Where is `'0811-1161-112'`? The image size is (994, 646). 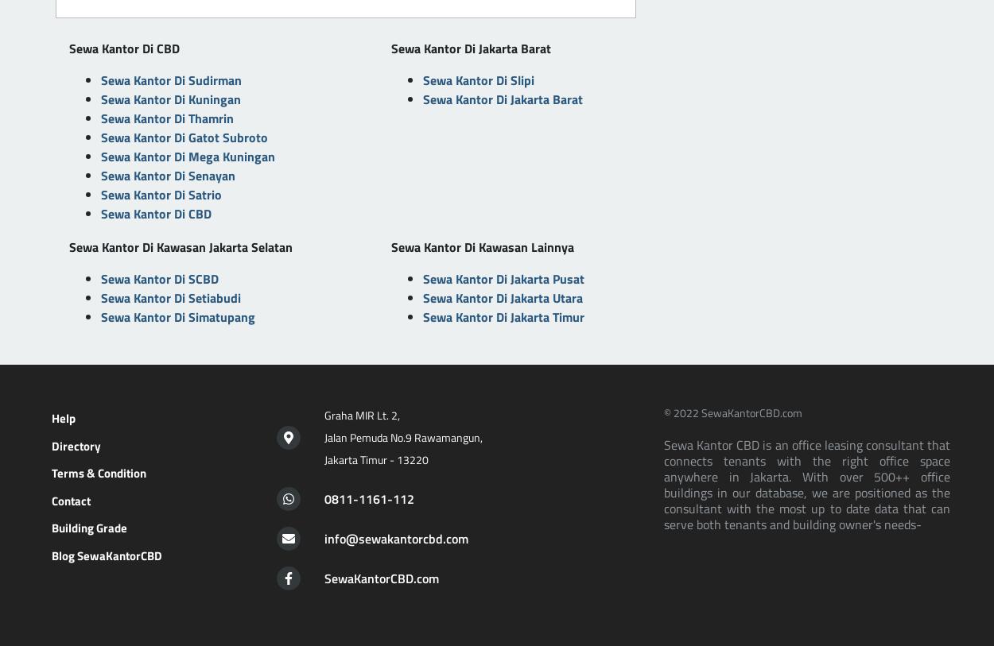 '0811-1161-112' is located at coordinates (324, 498).